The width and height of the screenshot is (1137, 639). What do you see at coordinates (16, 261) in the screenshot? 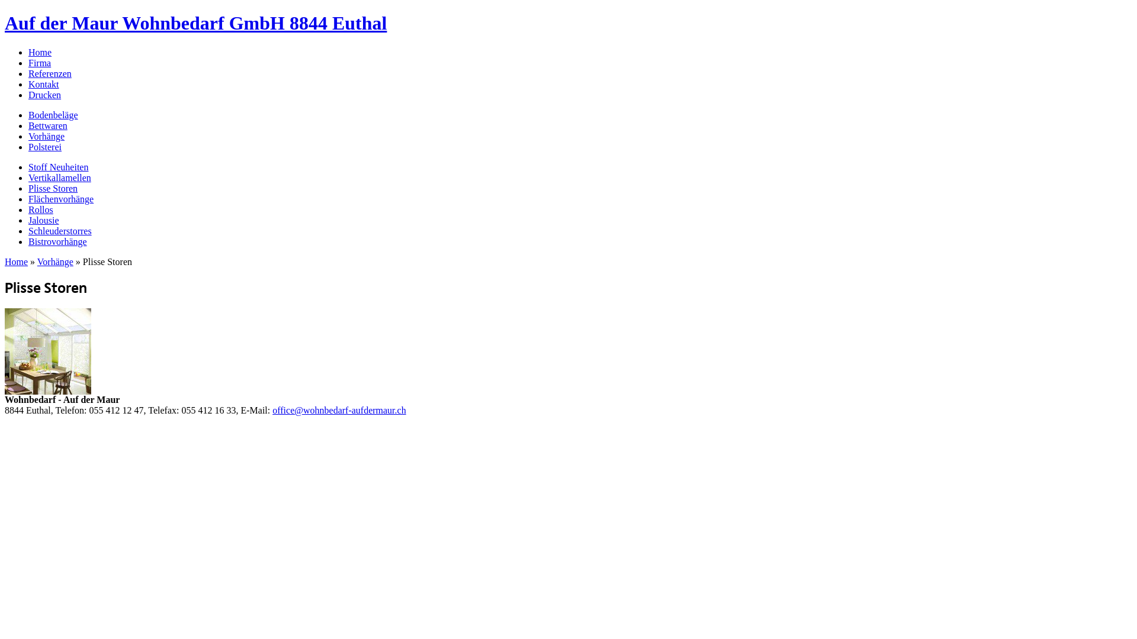
I see `'Home'` at bounding box center [16, 261].